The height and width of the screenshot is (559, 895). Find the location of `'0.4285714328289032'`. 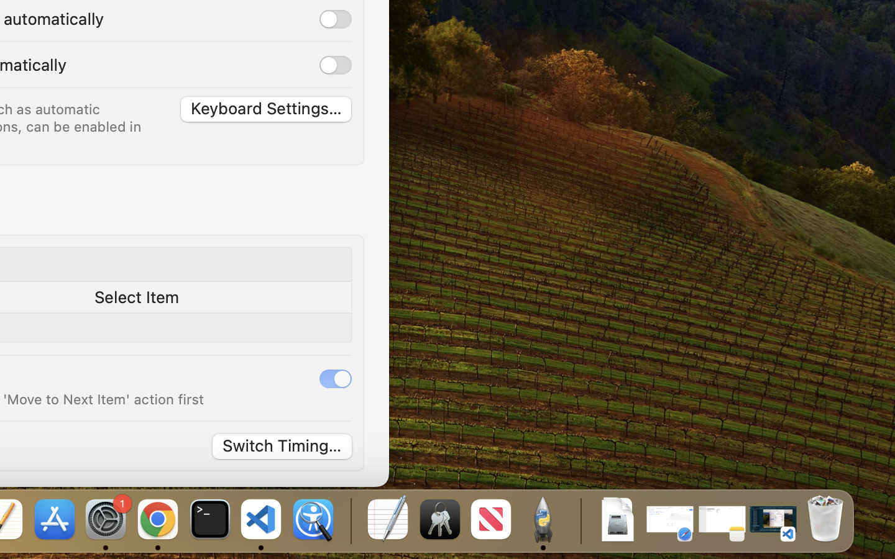

'0.4285714328289032' is located at coordinates (349, 520).